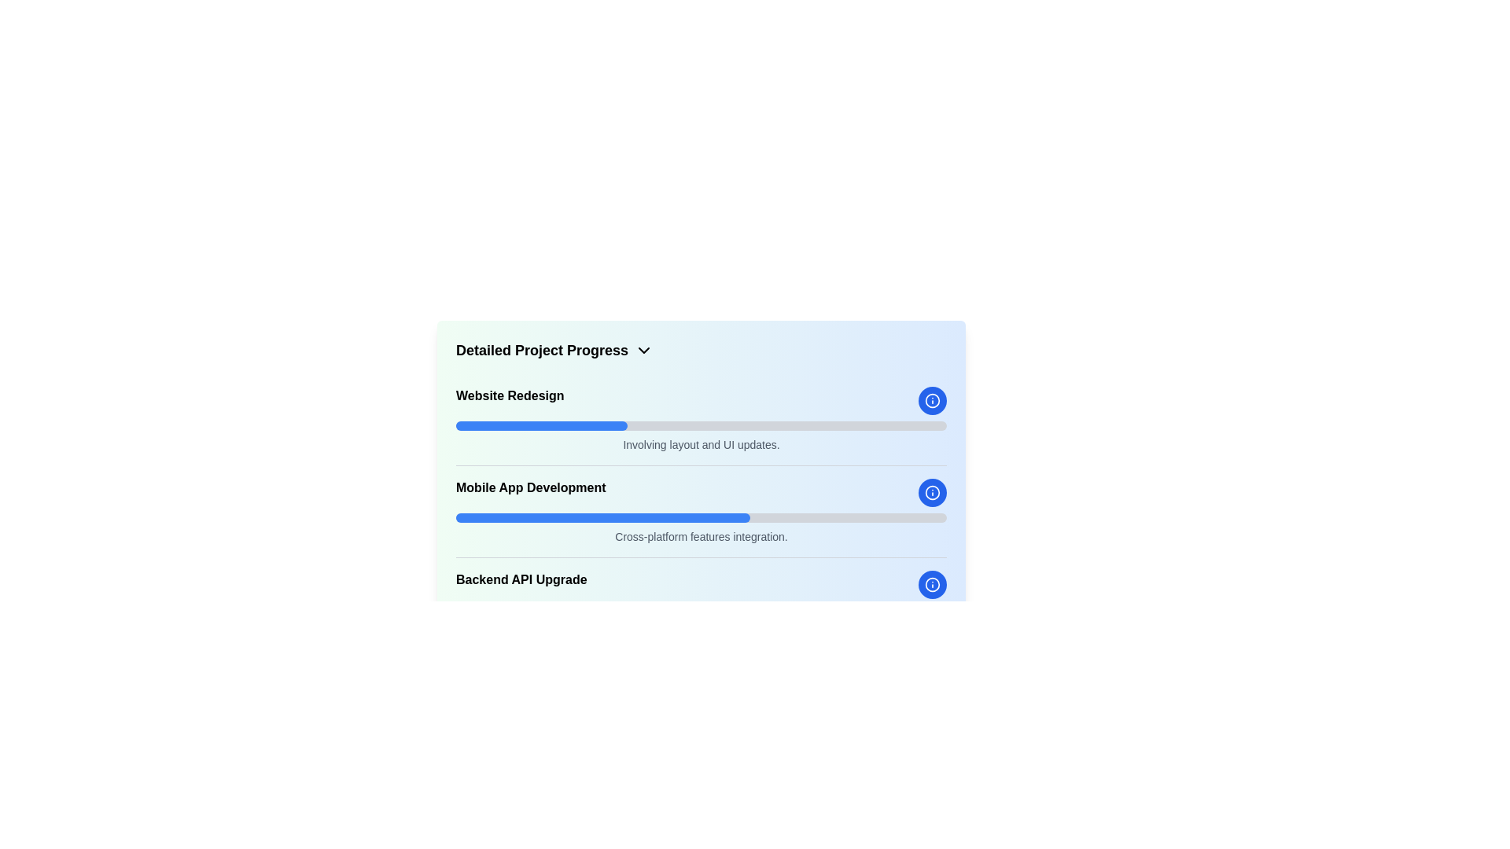  Describe the element at coordinates (499, 518) in the screenshot. I see `progress bar value` at that location.